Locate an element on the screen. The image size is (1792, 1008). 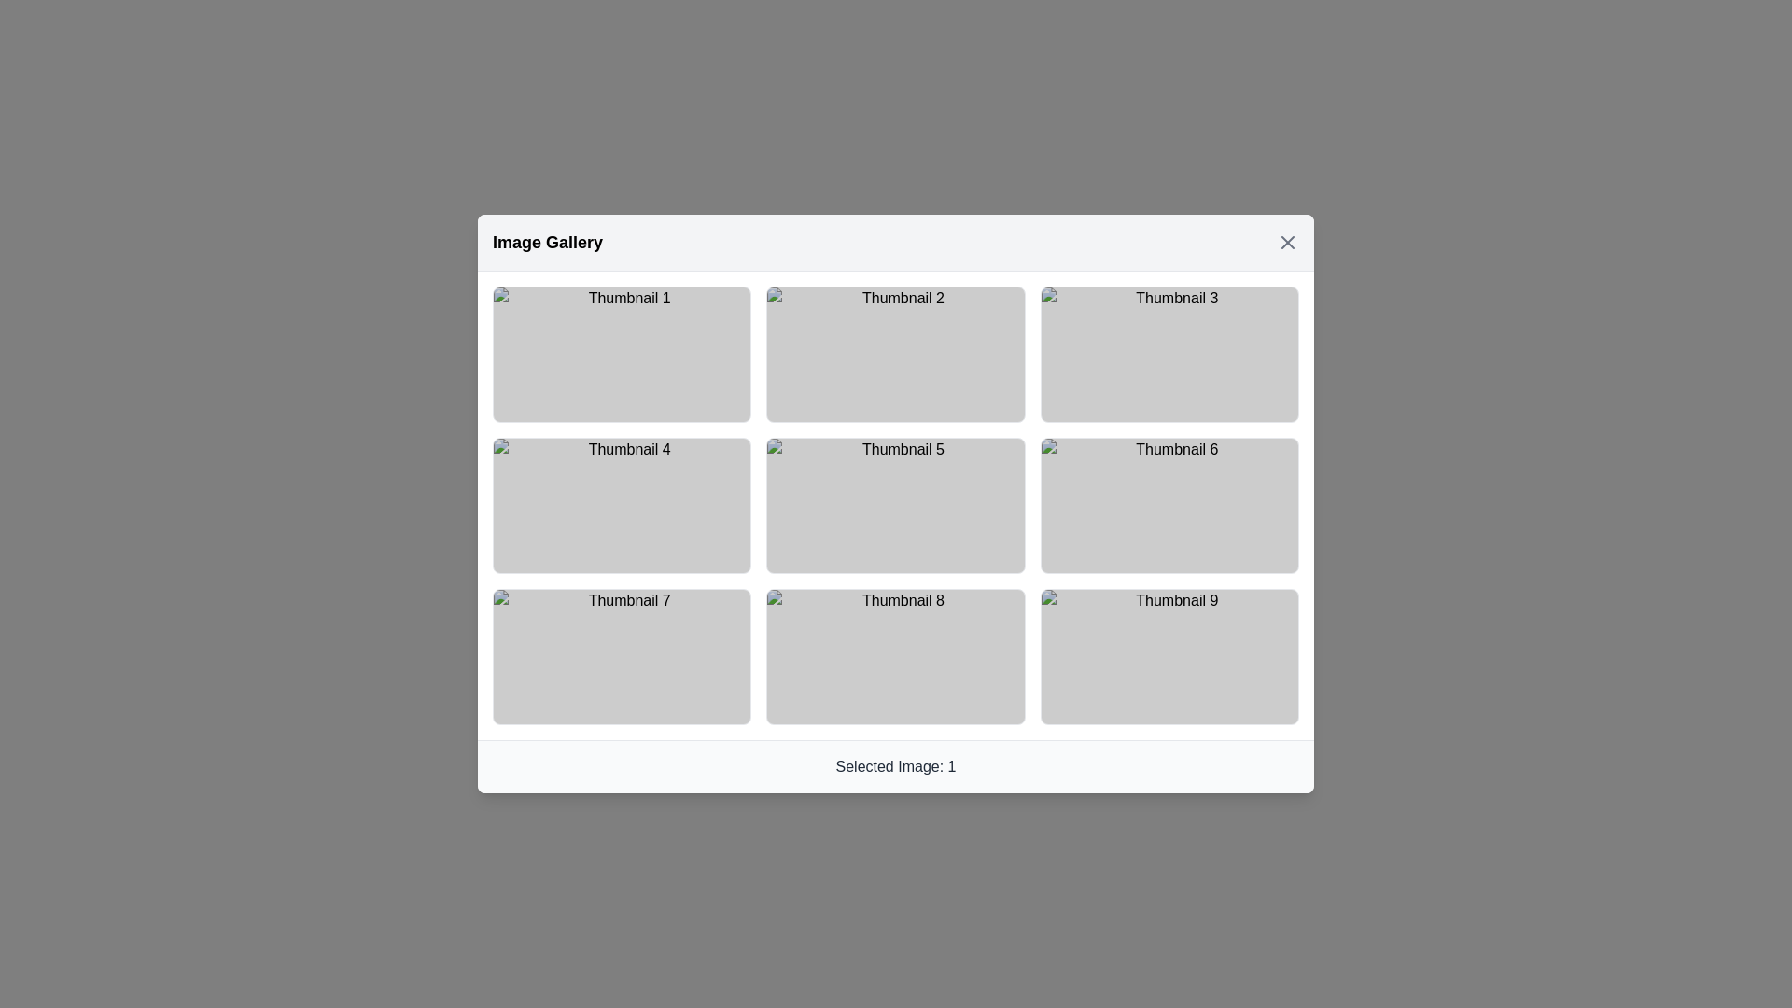
the text label 'Image Gallery', which is prominently displayed in bold and larger font at the top left of the header section is located at coordinates (546, 241).